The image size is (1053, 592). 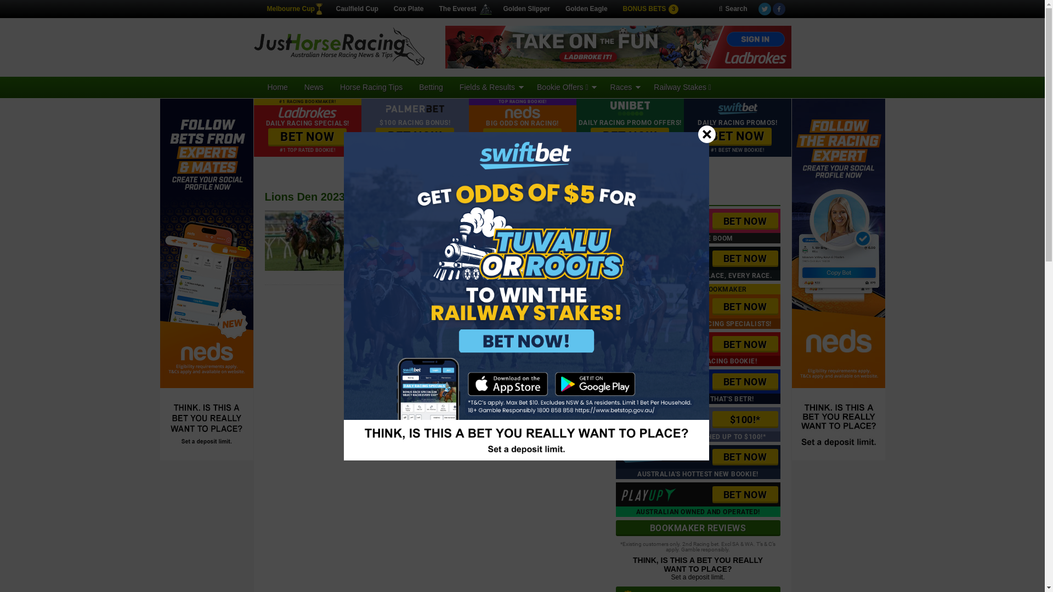 What do you see at coordinates (697, 264) in the screenshot?
I see `'BET NOW` at bounding box center [697, 264].